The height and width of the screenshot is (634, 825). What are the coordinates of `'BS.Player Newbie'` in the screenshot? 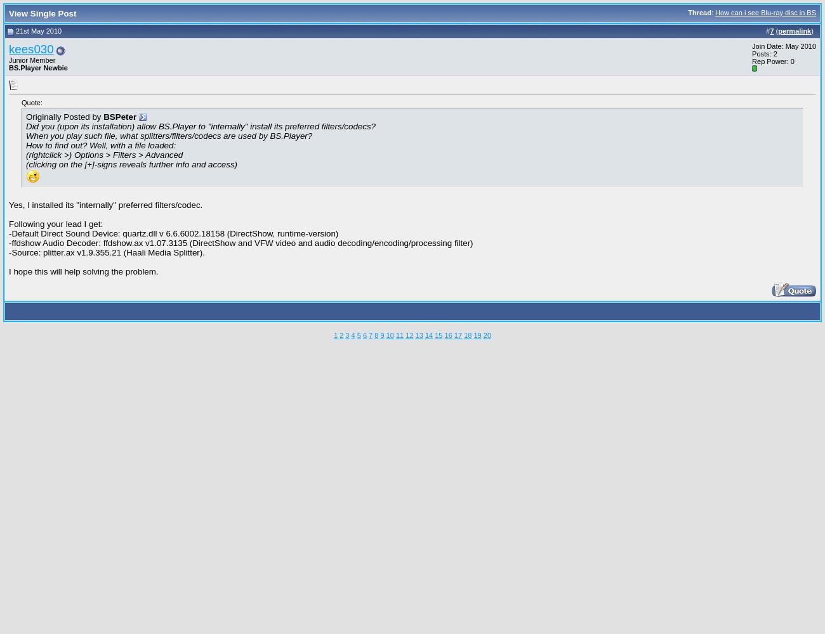 It's located at (38, 67).